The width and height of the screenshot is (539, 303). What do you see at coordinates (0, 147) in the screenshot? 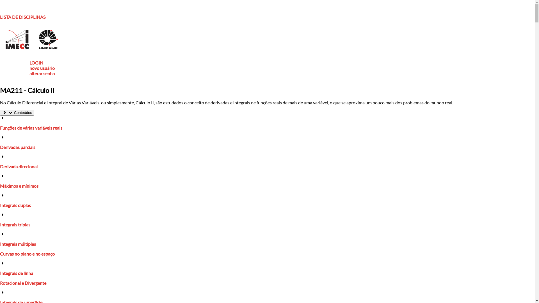
I see `'Derivadas parciais'` at bounding box center [0, 147].